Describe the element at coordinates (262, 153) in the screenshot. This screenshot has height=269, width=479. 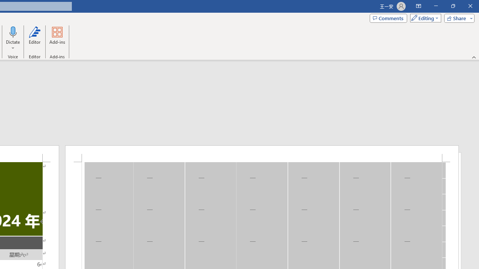
I see `'Header -Section 1-'` at that location.